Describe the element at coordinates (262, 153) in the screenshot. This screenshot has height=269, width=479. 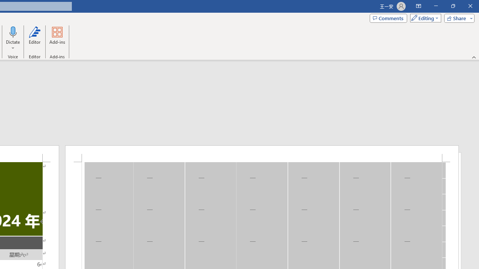
I see `'Header -Section 1-'` at that location.